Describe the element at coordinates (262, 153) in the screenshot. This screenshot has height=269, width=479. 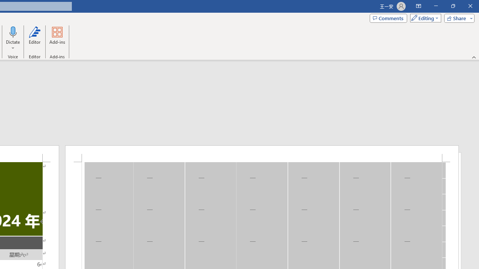
I see `'Header -Section 1-'` at that location.